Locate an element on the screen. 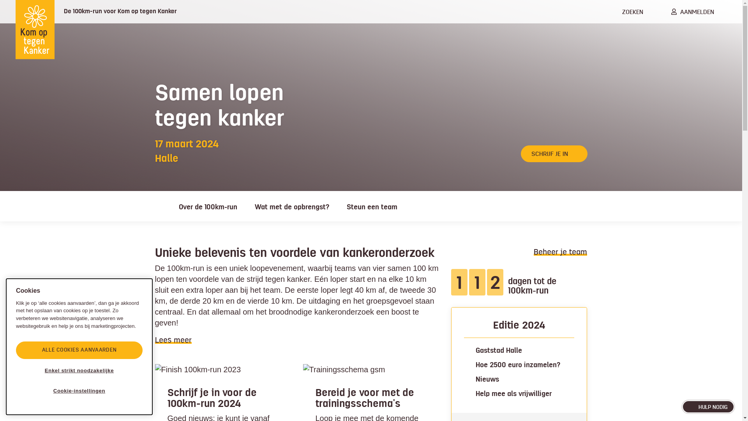 The height and width of the screenshot is (421, 748). 'Over de 100km-run' is located at coordinates (178, 205).